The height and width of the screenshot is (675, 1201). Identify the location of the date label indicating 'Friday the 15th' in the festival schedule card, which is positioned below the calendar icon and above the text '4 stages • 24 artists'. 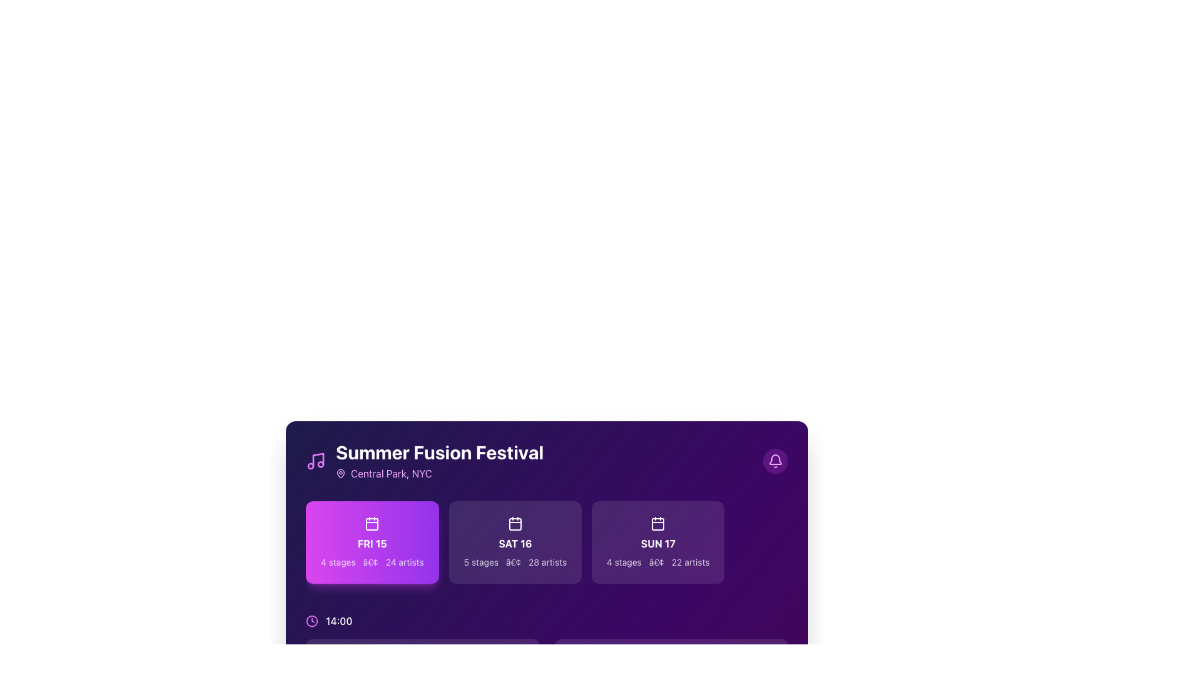
(372, 543).